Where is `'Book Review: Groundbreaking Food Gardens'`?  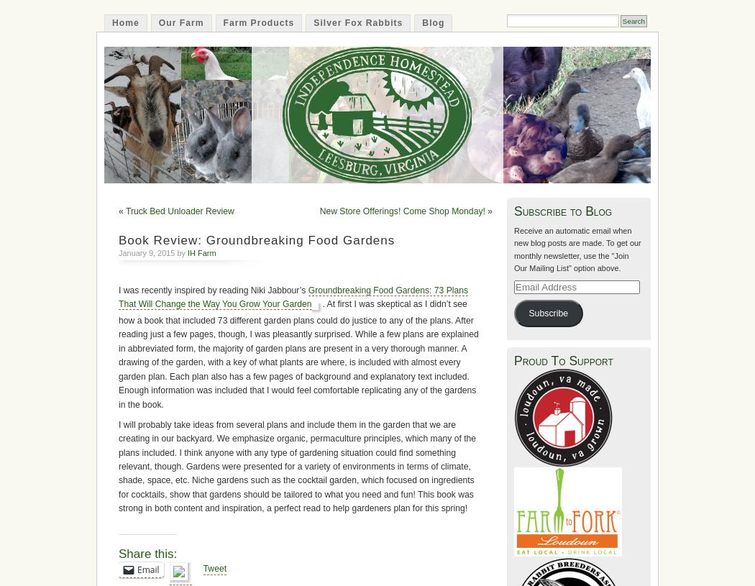 'Book Review: Groundbreaking Food Gardens' is located at coordinates (256, 239).